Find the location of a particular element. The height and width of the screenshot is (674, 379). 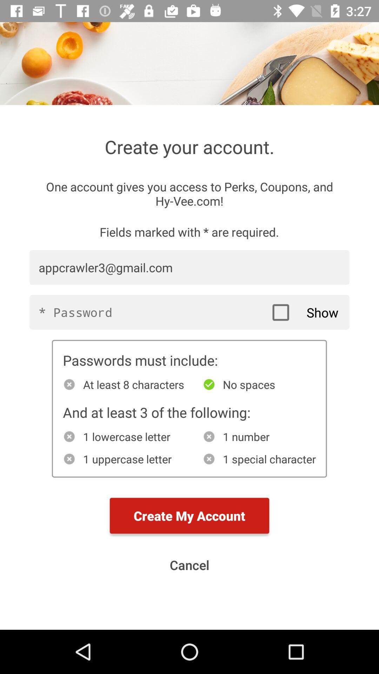

your password is located at coordinates (189, 312).